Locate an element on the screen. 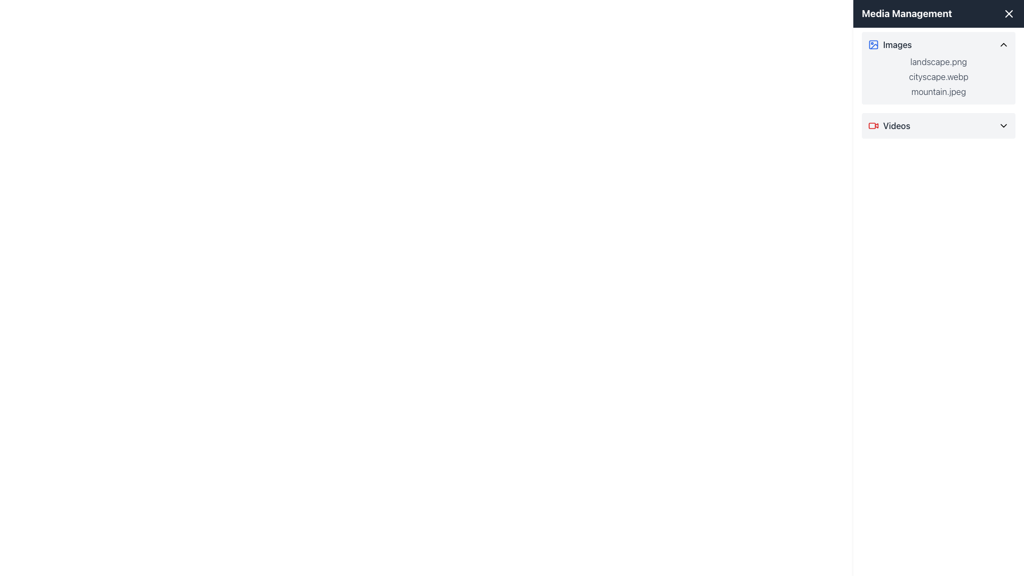 The width and height of the screenshot is (1024, 576). the second text label in the 'Images' section, which displays the filename 'cityscape.webp', to read it is located at coordinates (939, 76).